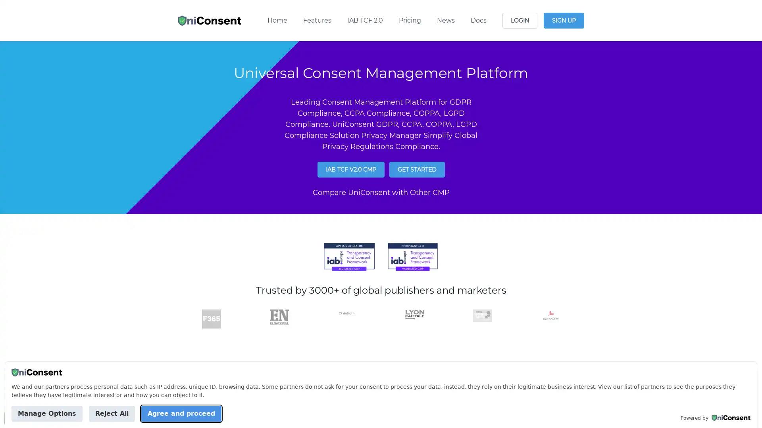 The width and height of the screenshot is (762, 428). Describe the element at coordinates (181, 413) in the screenshot. I see `Agree and proceed` at that location.